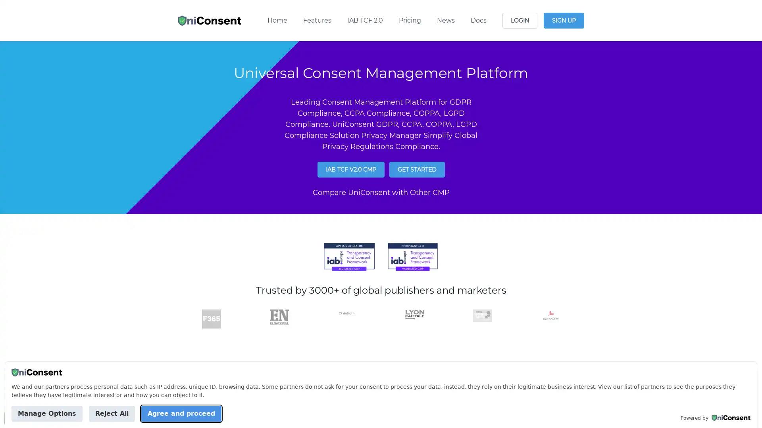 The width and height of the screenshot is (762, 428). Describe the element at coordinates (181, 413) in the screenshot. I see `Agree and proceed` at that location.